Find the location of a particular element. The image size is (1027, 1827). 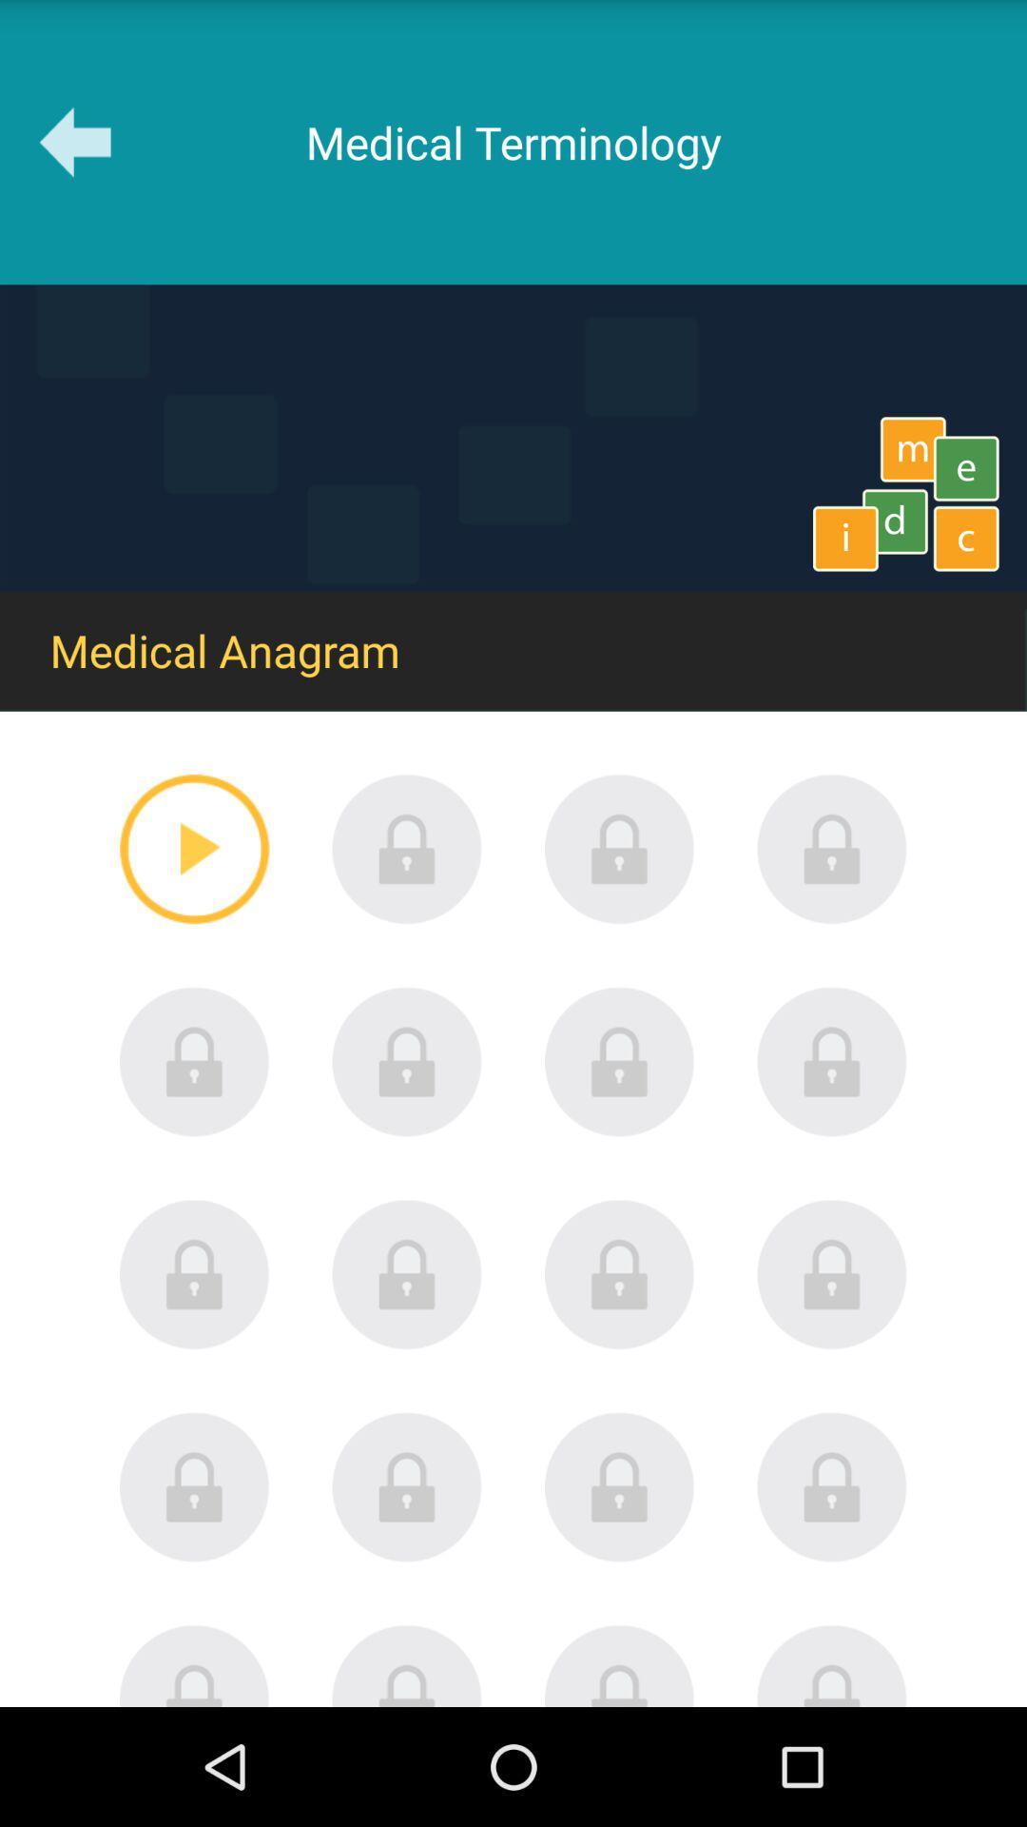

the lock icon is located at coordinates (831, 1136).